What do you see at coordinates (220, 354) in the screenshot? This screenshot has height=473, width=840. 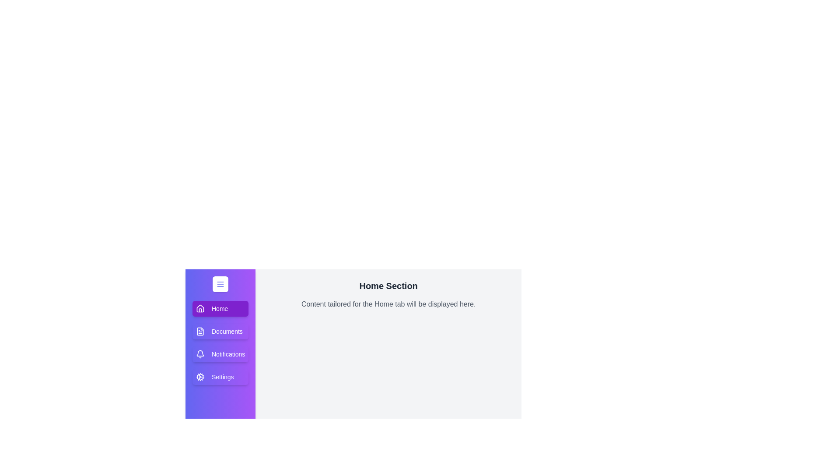 I see `the Notifications tab to view its content` at bounding box center [220, 354].